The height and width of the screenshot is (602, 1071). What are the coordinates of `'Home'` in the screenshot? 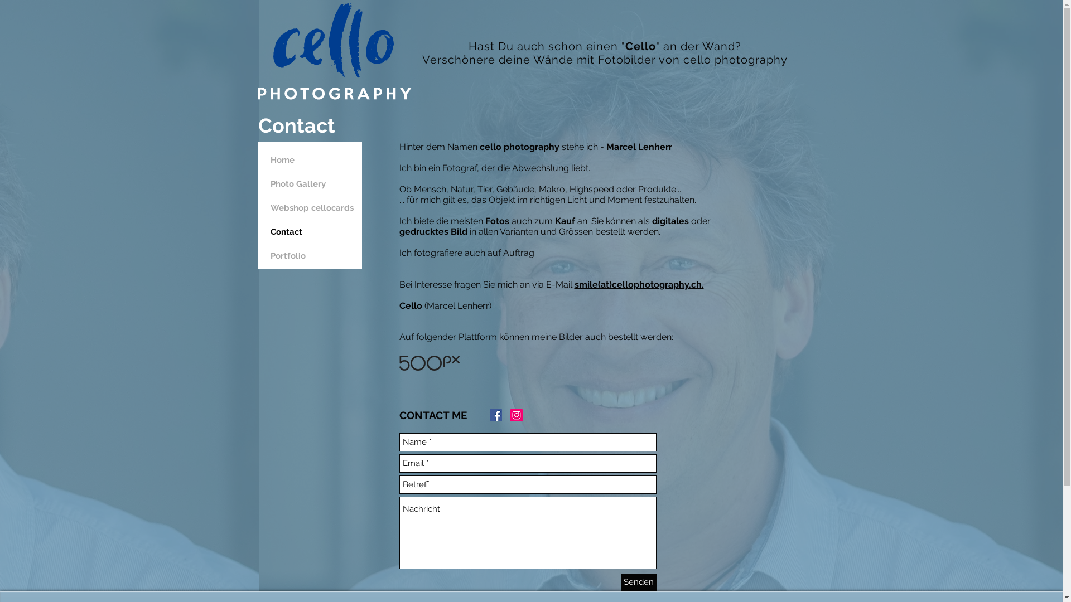 It's located at (311, 160).